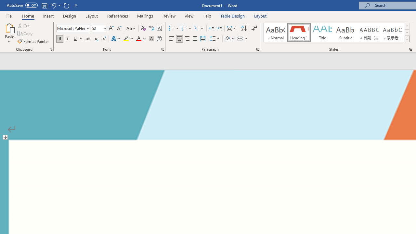 The image size is (416, 234). What do you see at coordinates (299, 32) in the screenshot?
I see `'Heading 1'` at bounding box center [299, 32].